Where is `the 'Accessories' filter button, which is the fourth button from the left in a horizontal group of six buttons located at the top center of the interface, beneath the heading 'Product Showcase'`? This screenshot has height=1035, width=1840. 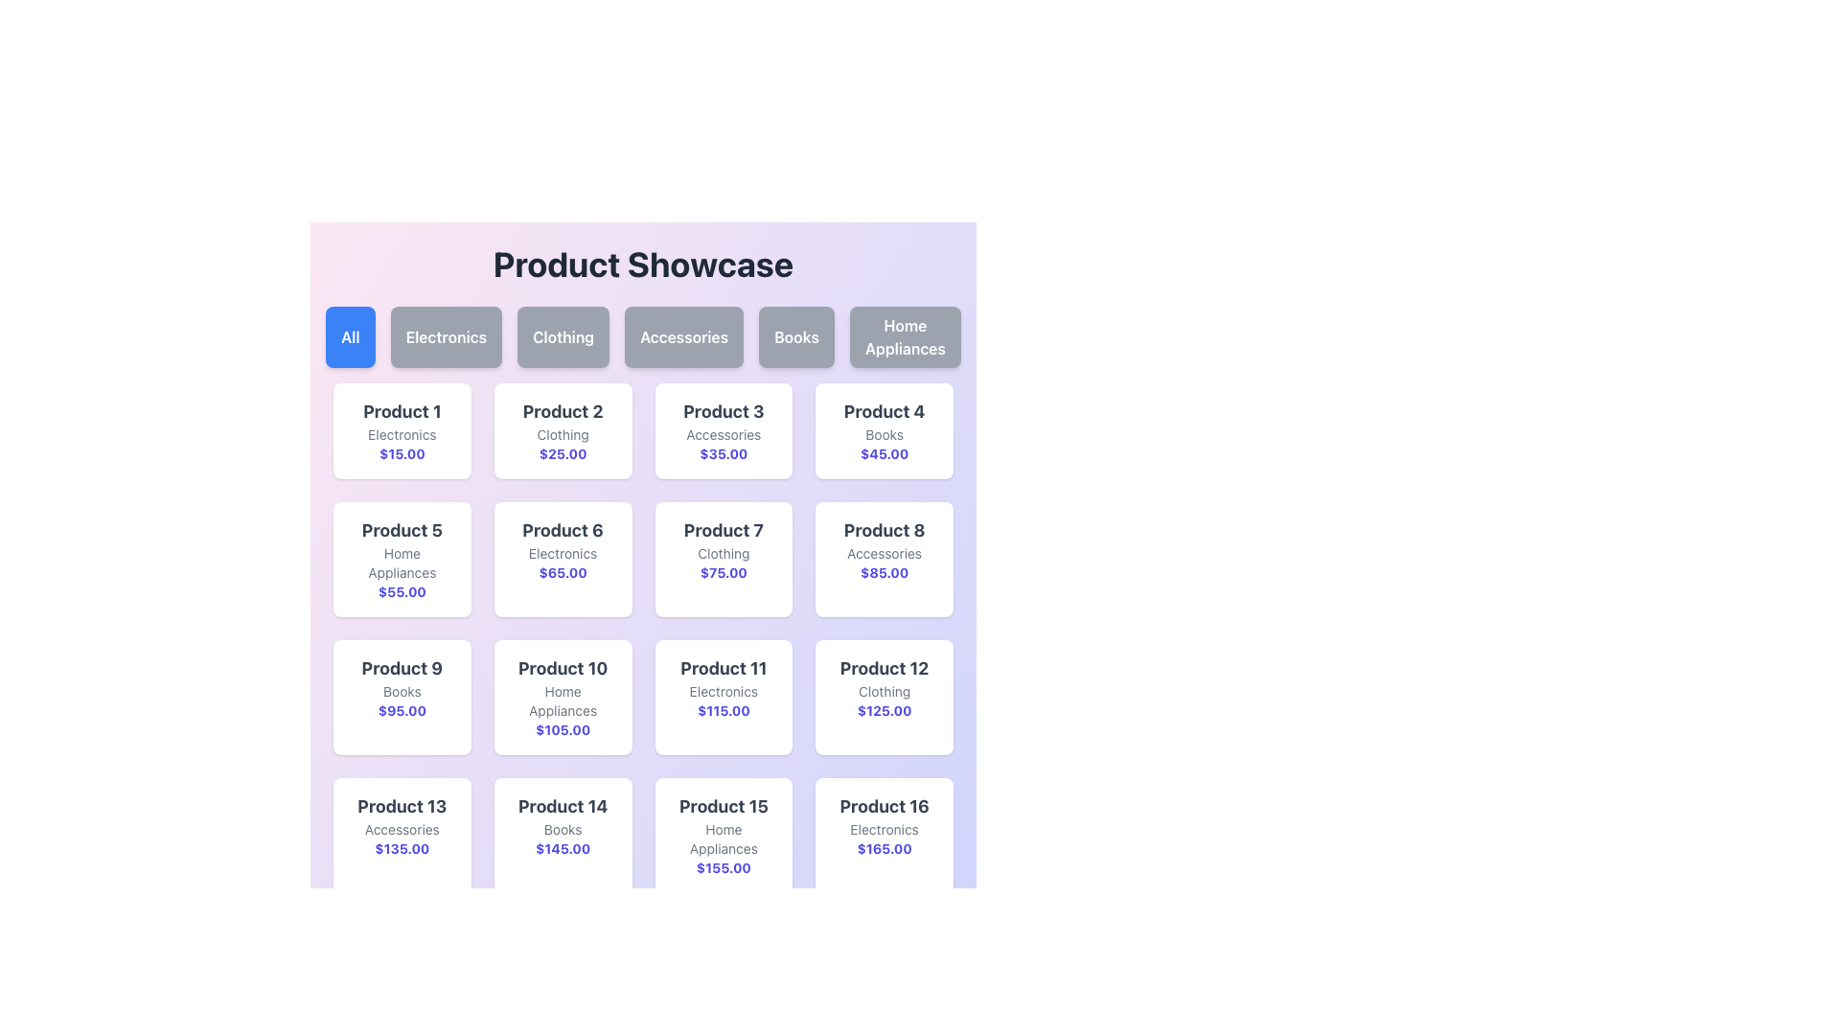 the 'Accessories' filter button, which is the fourth button from the left in a horizontal group of six buttons located at the top center of the interface, beneath the heading 'Product Showcase' is located at coordinates (684, 335).